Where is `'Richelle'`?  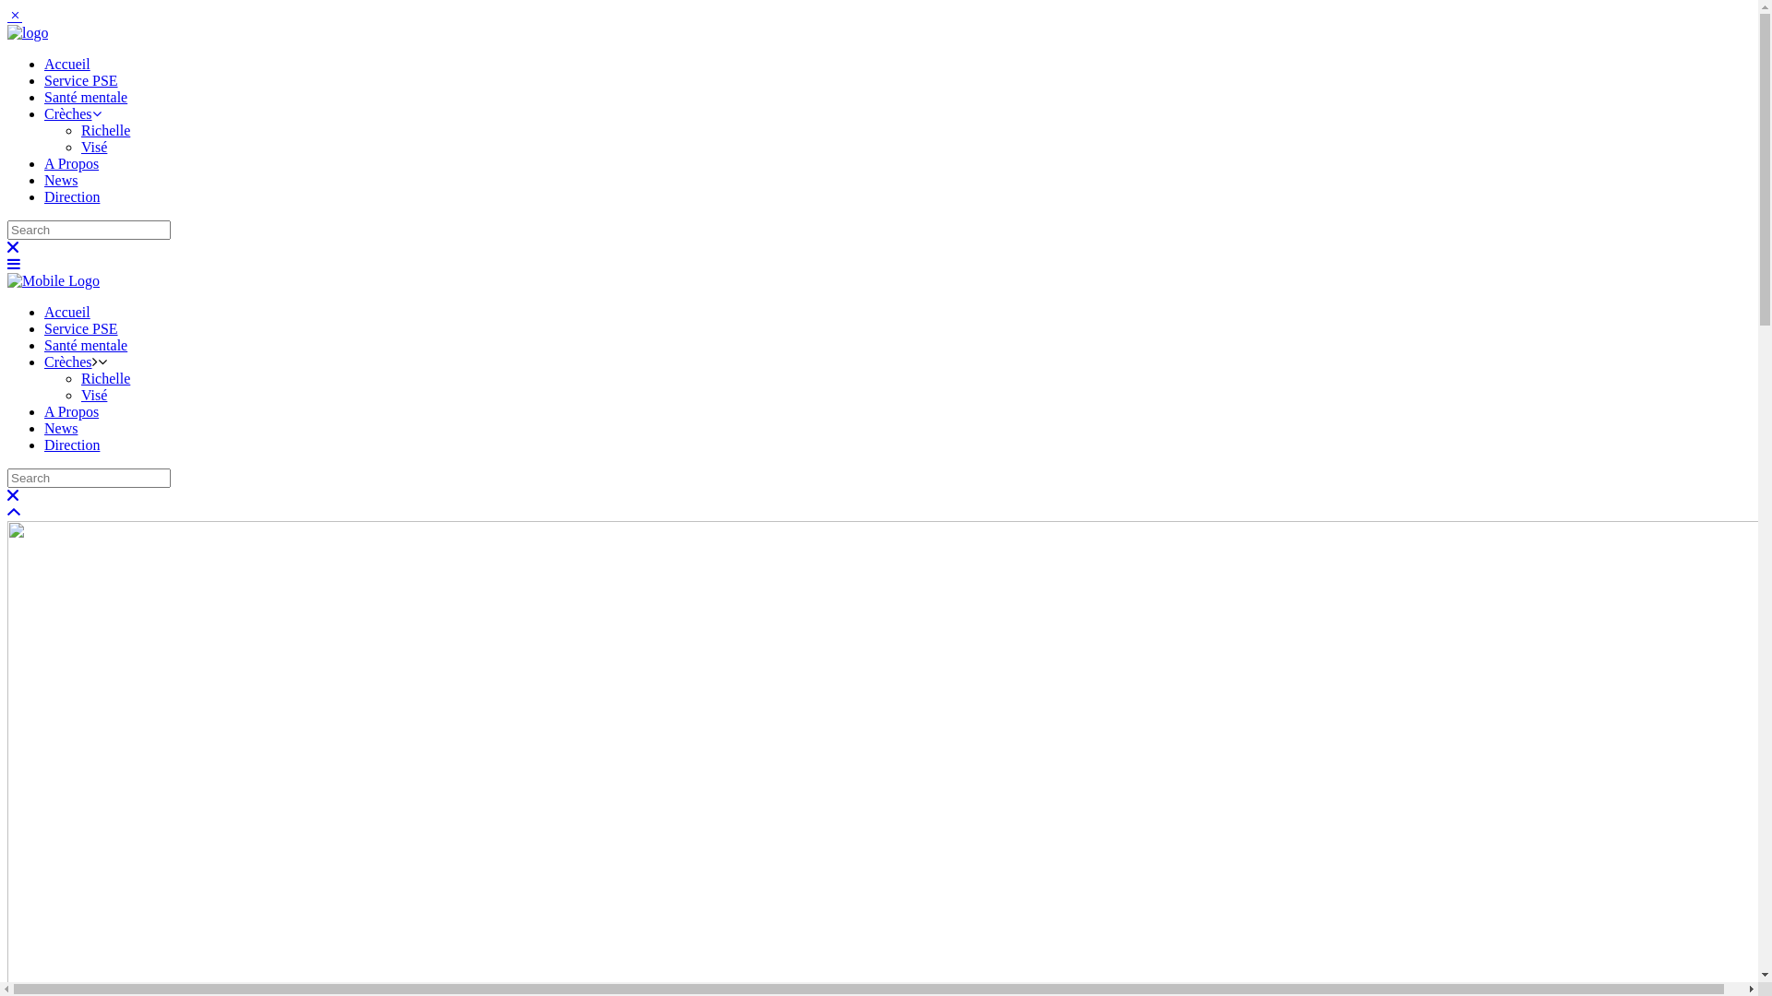
'Richelle' is located at coordinates (104, 377).